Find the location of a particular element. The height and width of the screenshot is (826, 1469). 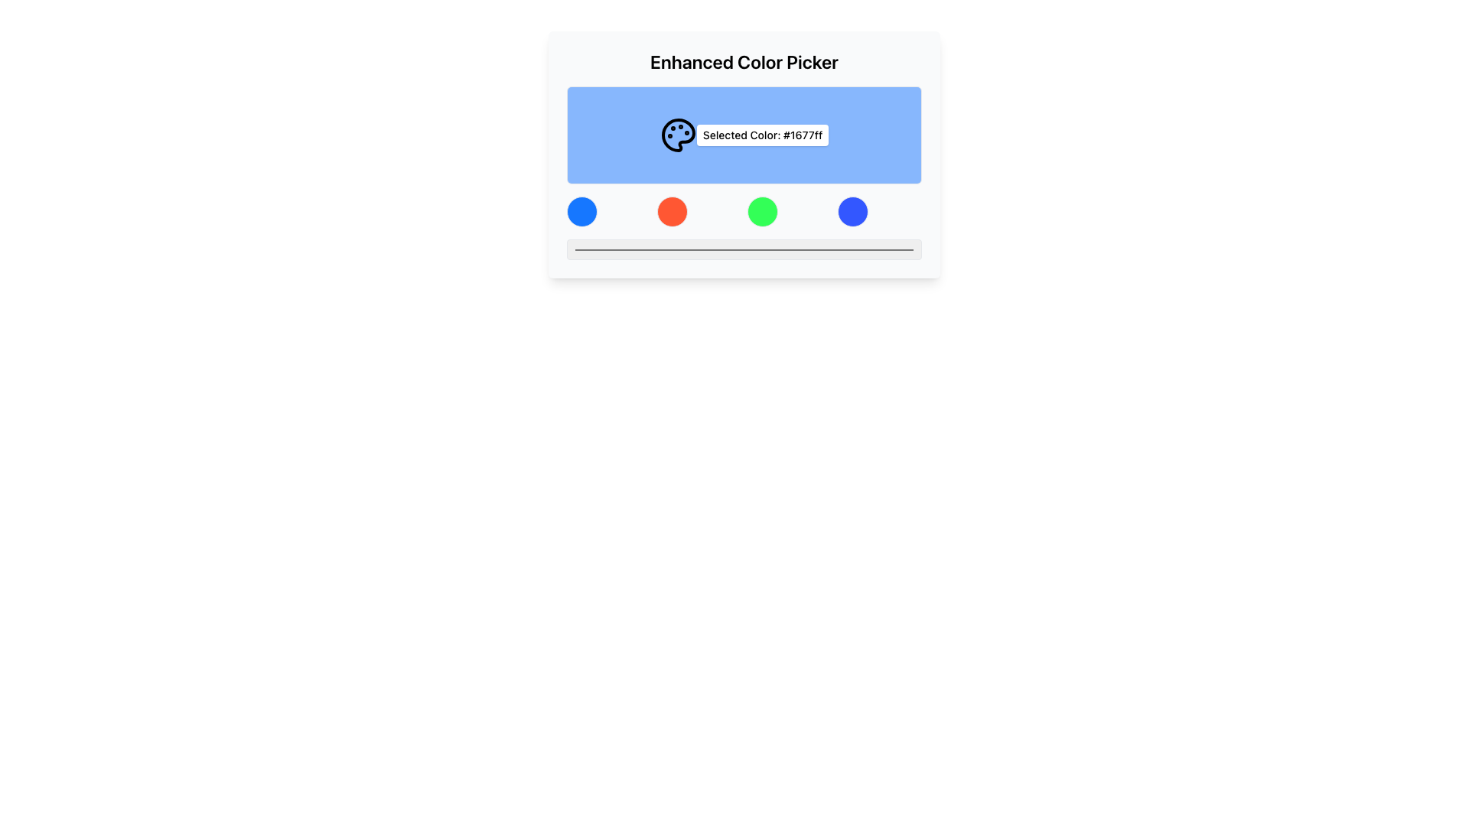

the palette icon located to the left of the 'Selected Color: #1677ff' text, which is styled with a black outline and smaller filled circles representing paint spots is located at coordinates (677, 135).